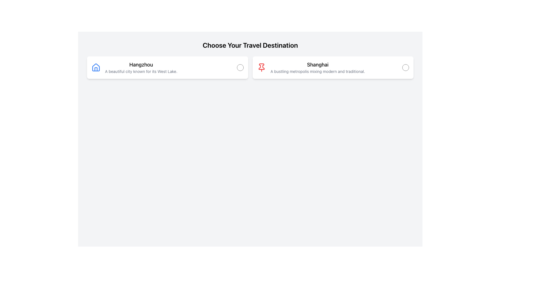 The width and height of the screenshot is (539, 303). What do you see at coordinates (318, 71) in the screenshot?
I see `descriptive text about the city 'Shanghai', which is the second line of text underneath the bold title 'Shanghai' in the right-hand selection box` at bounding box center [318, 71].